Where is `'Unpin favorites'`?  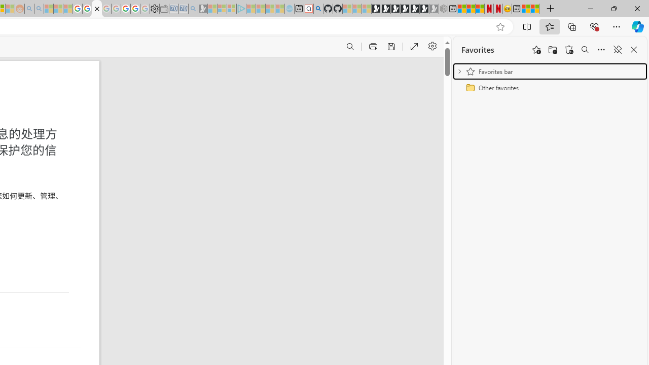 'Unpin favorites' is located at coordinates (617, 50).